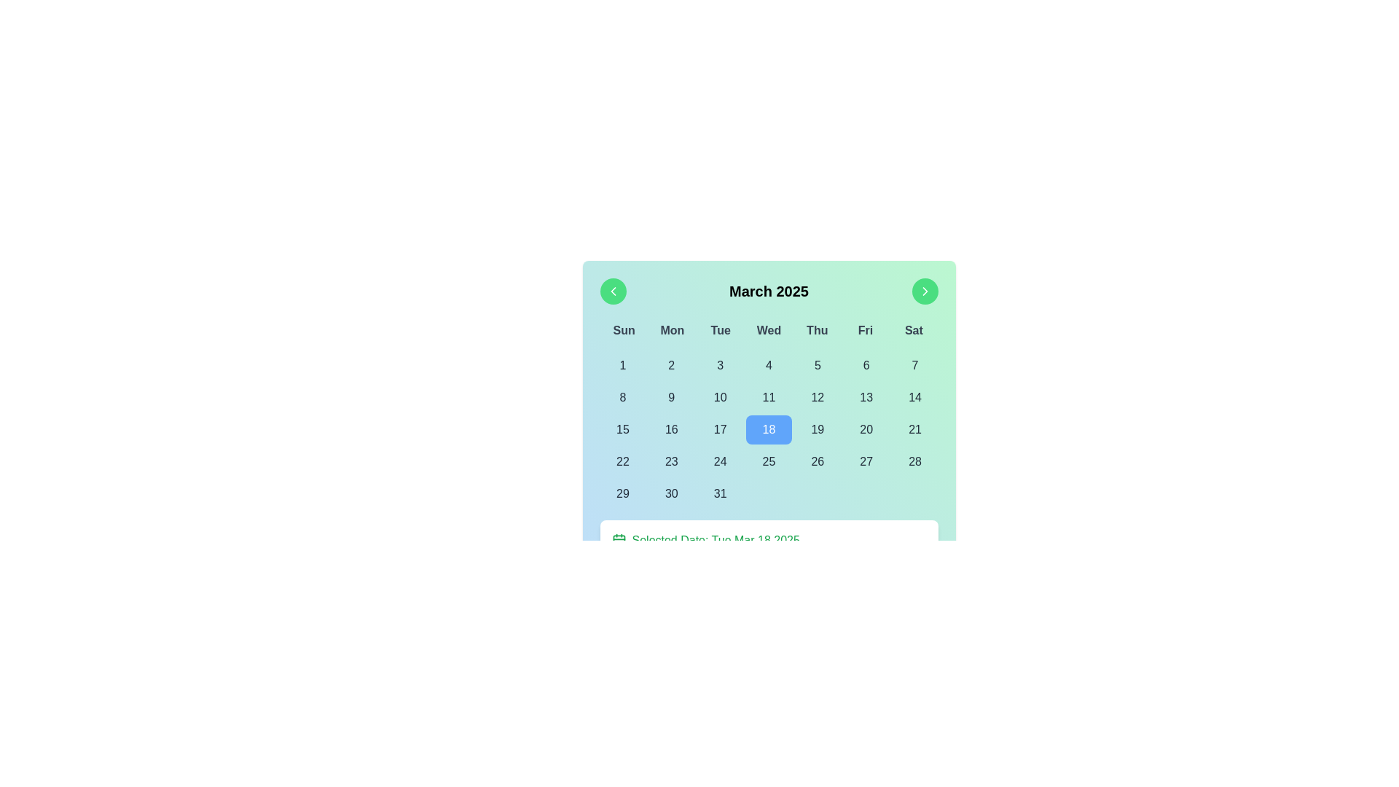 The height and width of the screenshot is (787, 1399). What do you see at coordinates (670, 461) in the screenshot?
I see `the button representing the date '23' on the calendar` at bounding box center [670, 461].